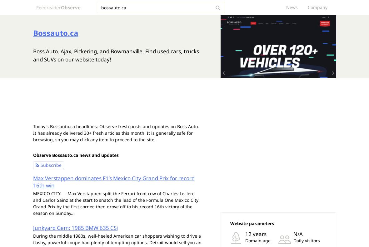 The width and height of the screenshot is (369, 247). Describe the element at coordinates (297, 234) in the screenshot. I see `'N/A'` at that location.